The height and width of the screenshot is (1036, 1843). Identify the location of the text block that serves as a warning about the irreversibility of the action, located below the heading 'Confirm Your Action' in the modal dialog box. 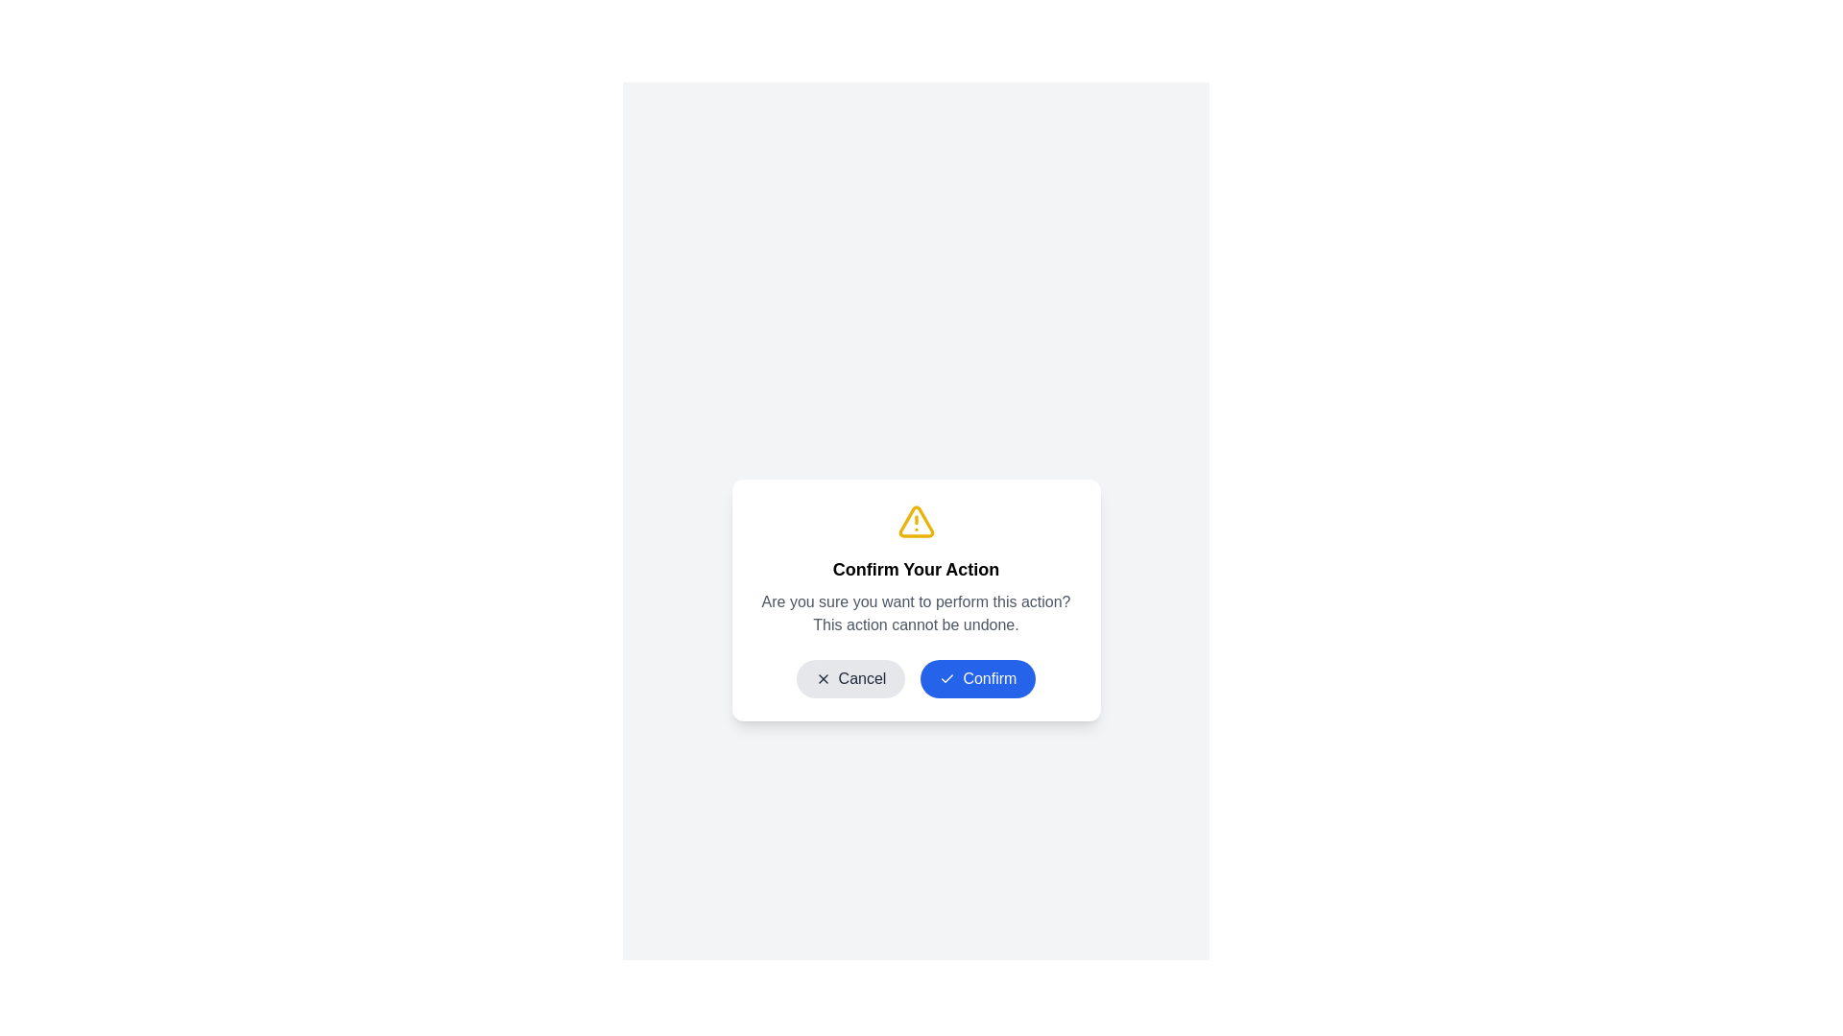
(915, 614).